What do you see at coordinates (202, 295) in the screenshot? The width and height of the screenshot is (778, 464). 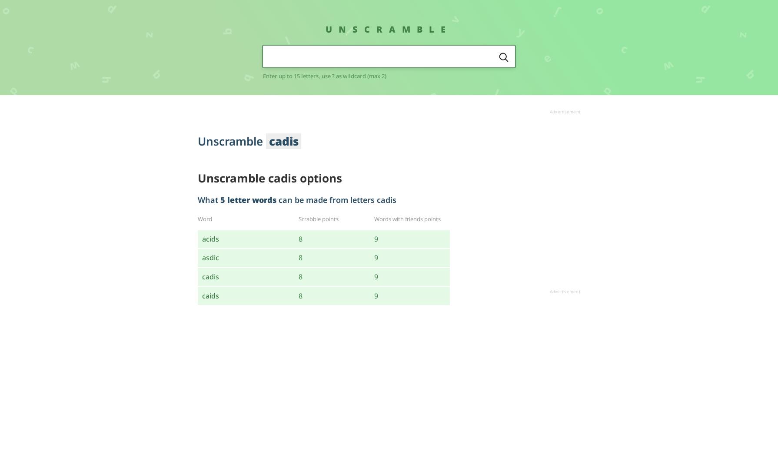 I see `'caids'` at bounding box center [202, 295].